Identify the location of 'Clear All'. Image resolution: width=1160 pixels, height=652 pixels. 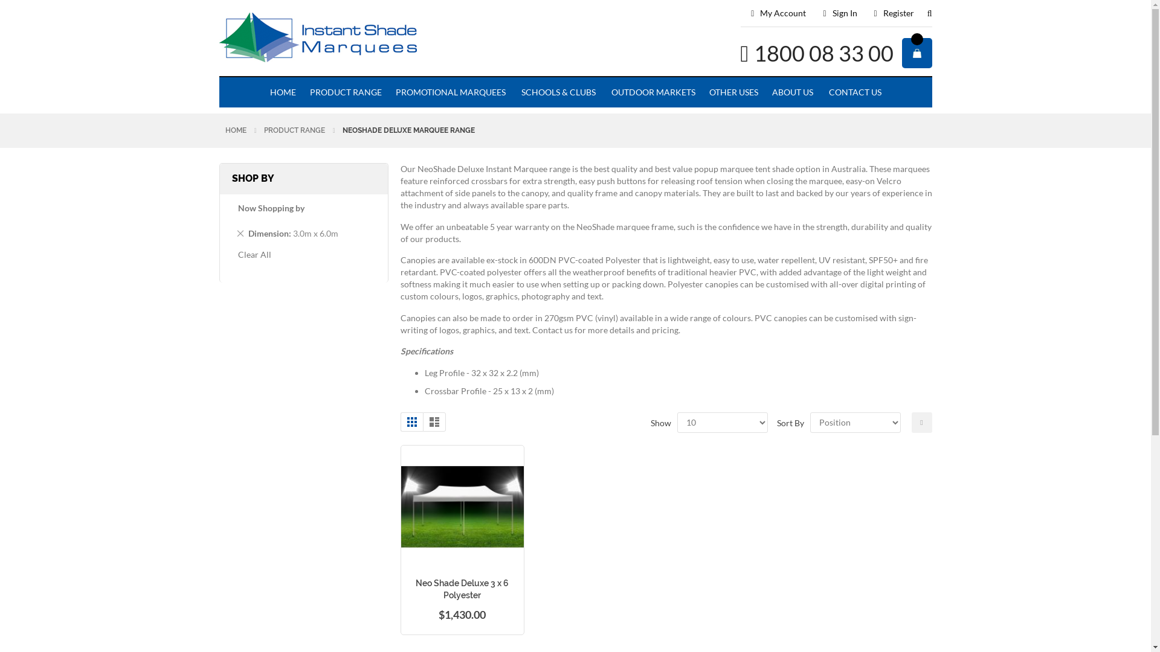
(254, 254).